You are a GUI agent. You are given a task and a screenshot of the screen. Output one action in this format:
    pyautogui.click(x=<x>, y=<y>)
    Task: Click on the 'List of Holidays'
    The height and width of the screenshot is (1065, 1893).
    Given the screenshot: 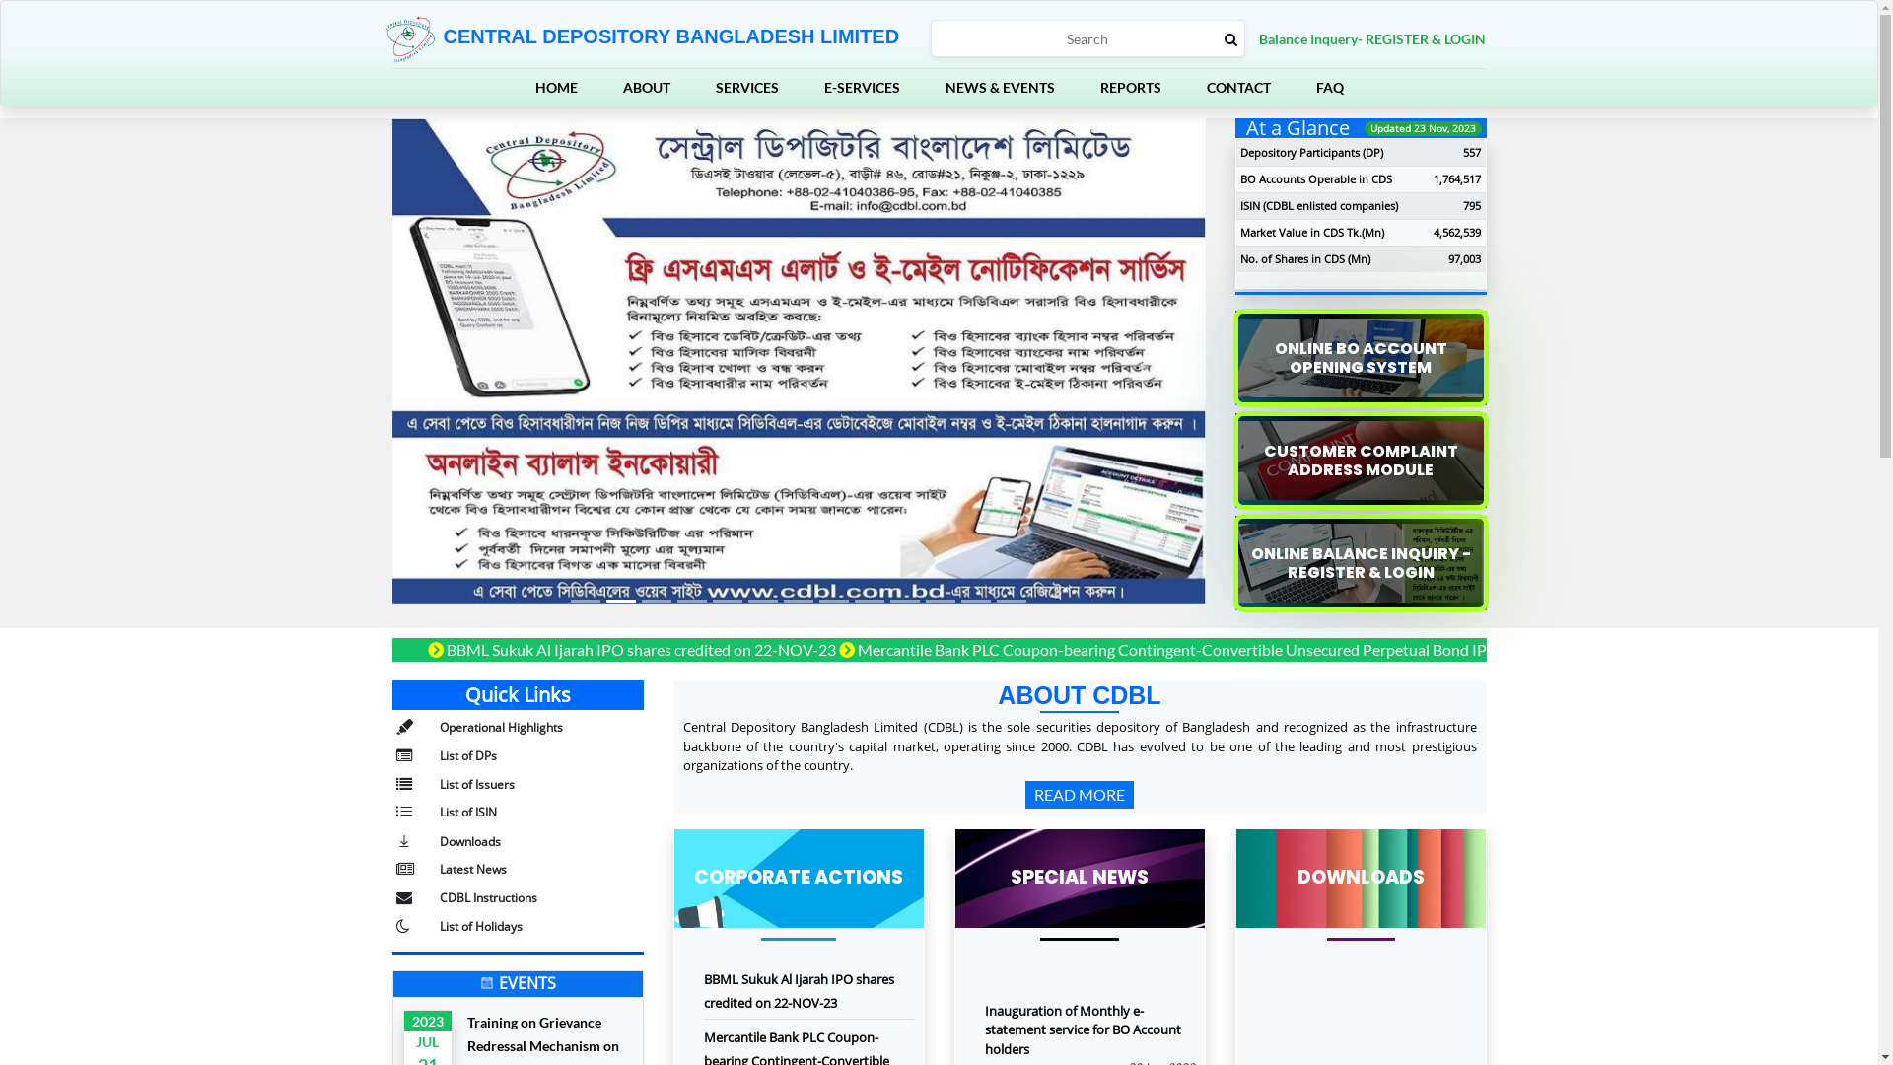 What is the action you would take?
    pyautogui.click(x=481, y=926)
    